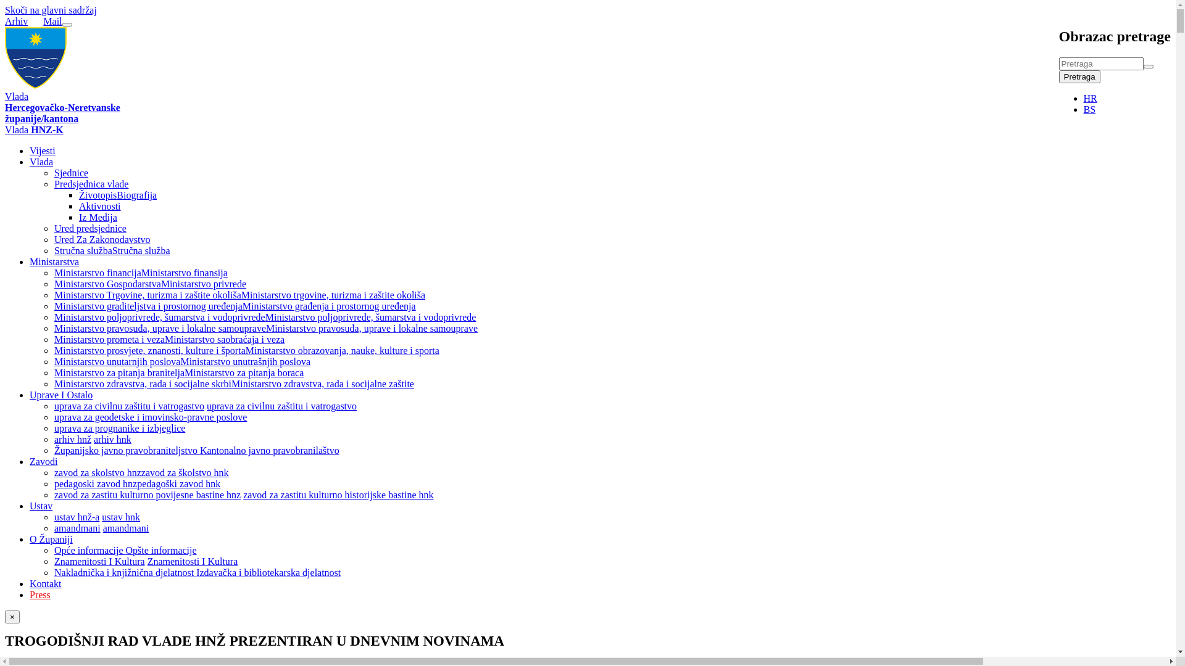 The width and height of the screenshot is (1185, 666). I want to click on 'Press', so click(40, 594).